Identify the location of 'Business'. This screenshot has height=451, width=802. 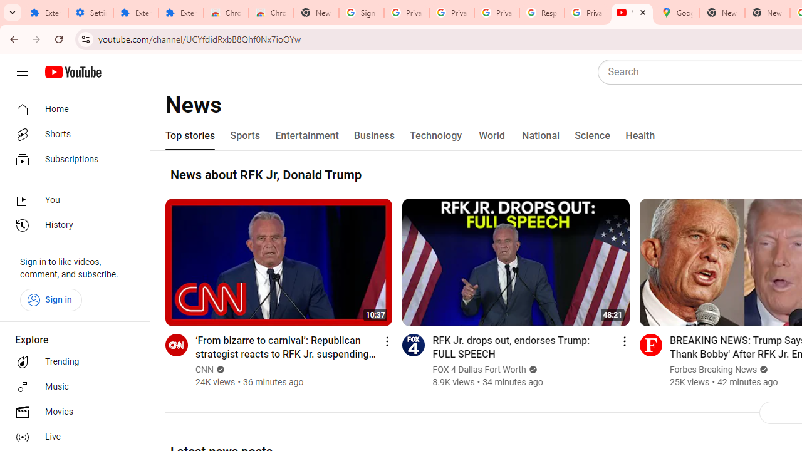
(373, 136).